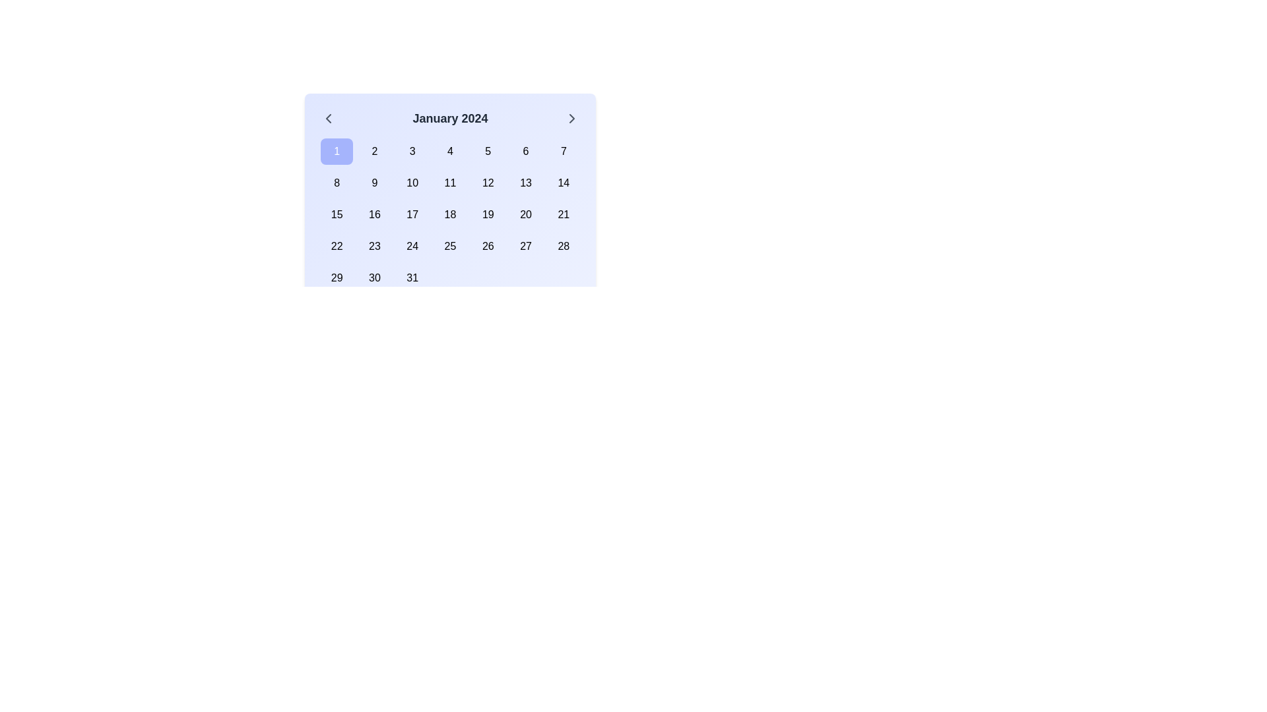  What do you see at coordinates (572, 119) in the screenshot?
I see `the right-facing chevron icon` at bounding box center [572, 119].